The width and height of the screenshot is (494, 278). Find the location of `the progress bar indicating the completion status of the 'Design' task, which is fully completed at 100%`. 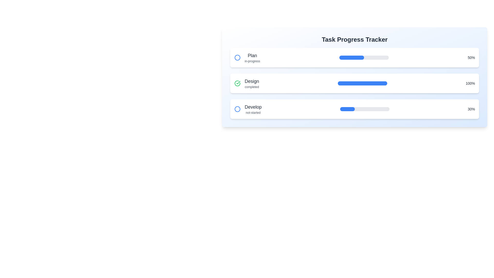

the progress bar indicating the completion status of the 'Design' task, which is fully completed at 100% is located at coordinates (362, 83).